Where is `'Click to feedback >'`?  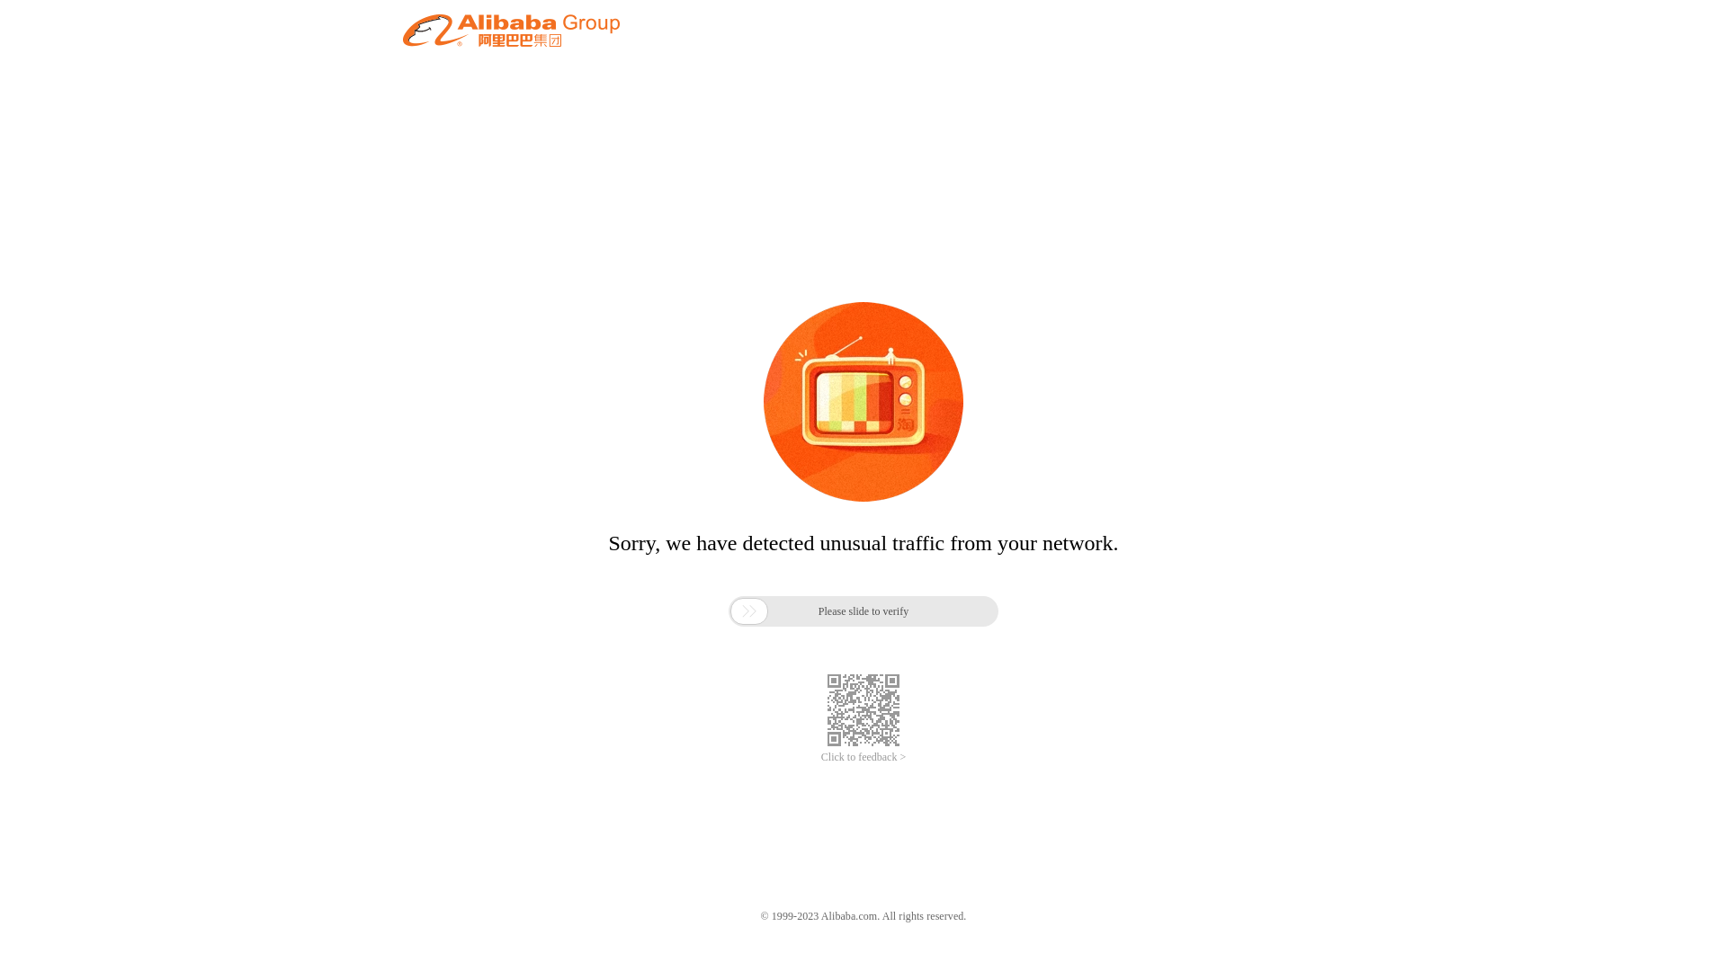 'Click to feedback >' is located at coordinates (863, 757).